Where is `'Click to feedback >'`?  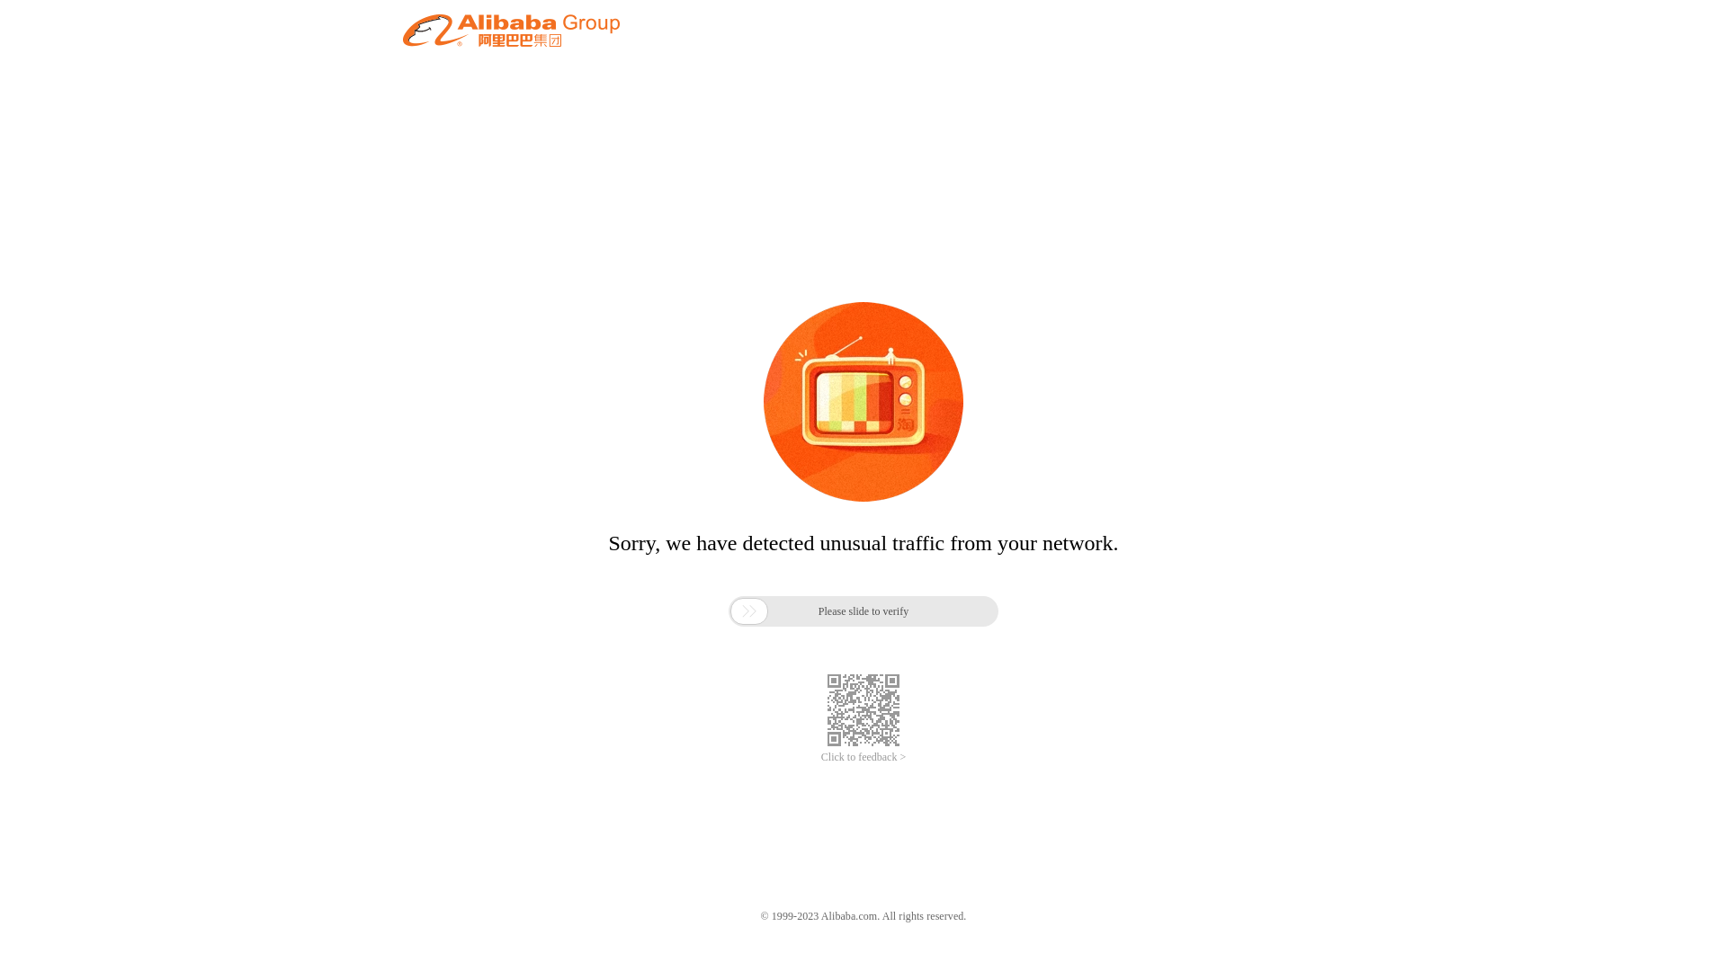 'Click to feedback >' is located at coordinates (863, 757).